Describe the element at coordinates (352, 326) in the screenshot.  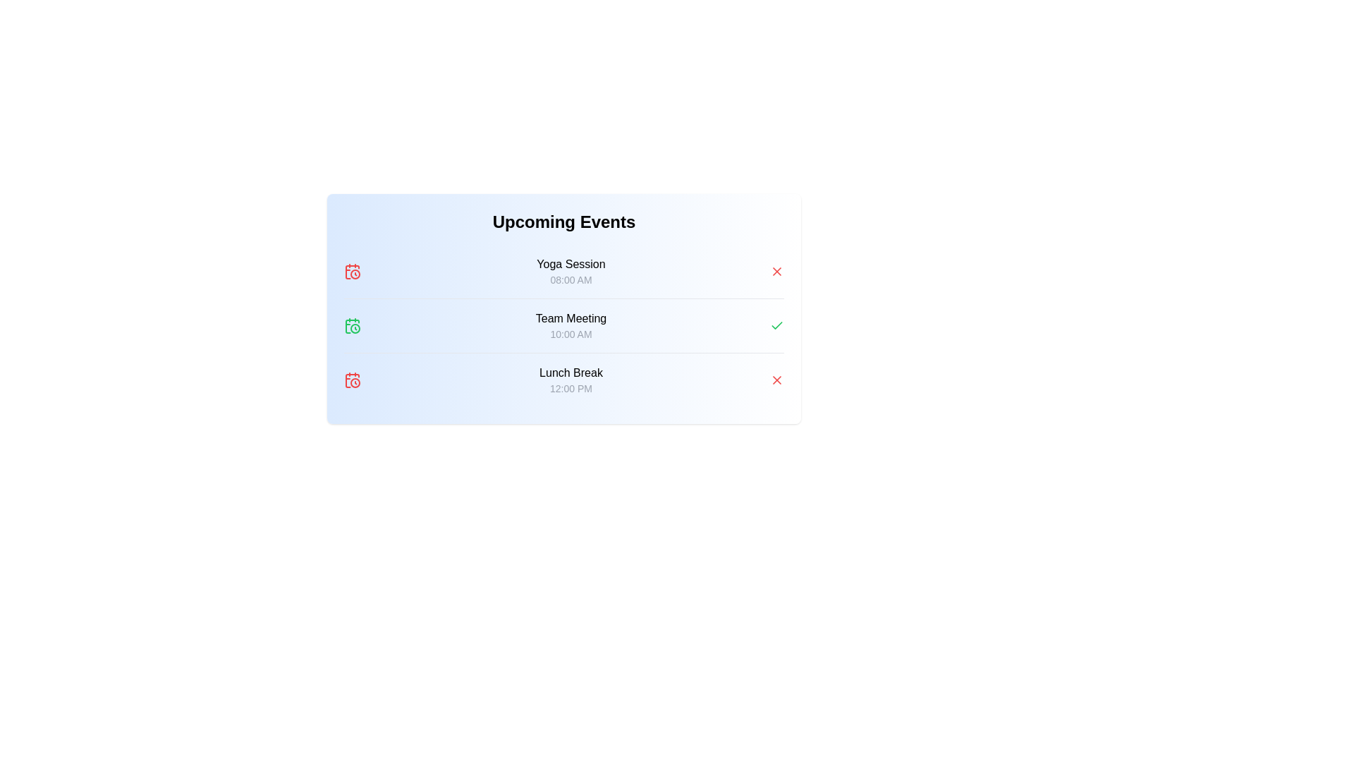
I see `the calendar icon representing the scheduled meeting for the 'Team Meeting' event` at that location.